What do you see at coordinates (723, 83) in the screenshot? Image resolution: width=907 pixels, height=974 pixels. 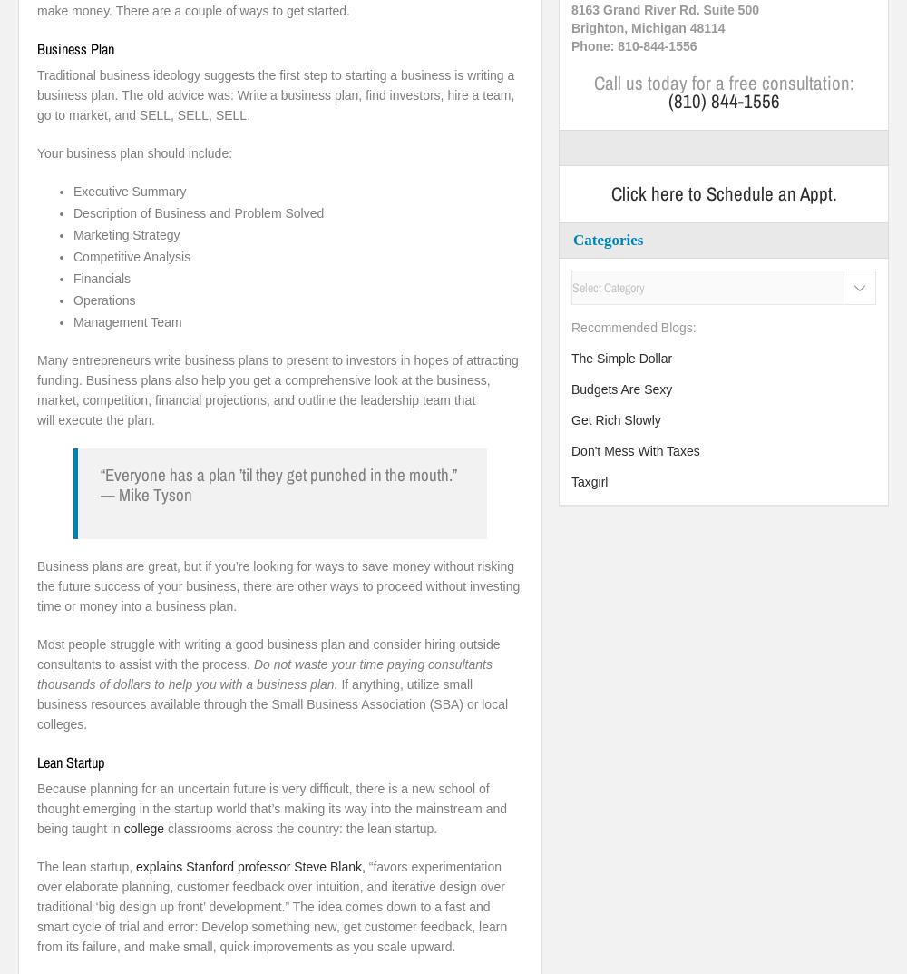 I see `'Call us today for a
free consultation:'` at bounding box center [723, 83].